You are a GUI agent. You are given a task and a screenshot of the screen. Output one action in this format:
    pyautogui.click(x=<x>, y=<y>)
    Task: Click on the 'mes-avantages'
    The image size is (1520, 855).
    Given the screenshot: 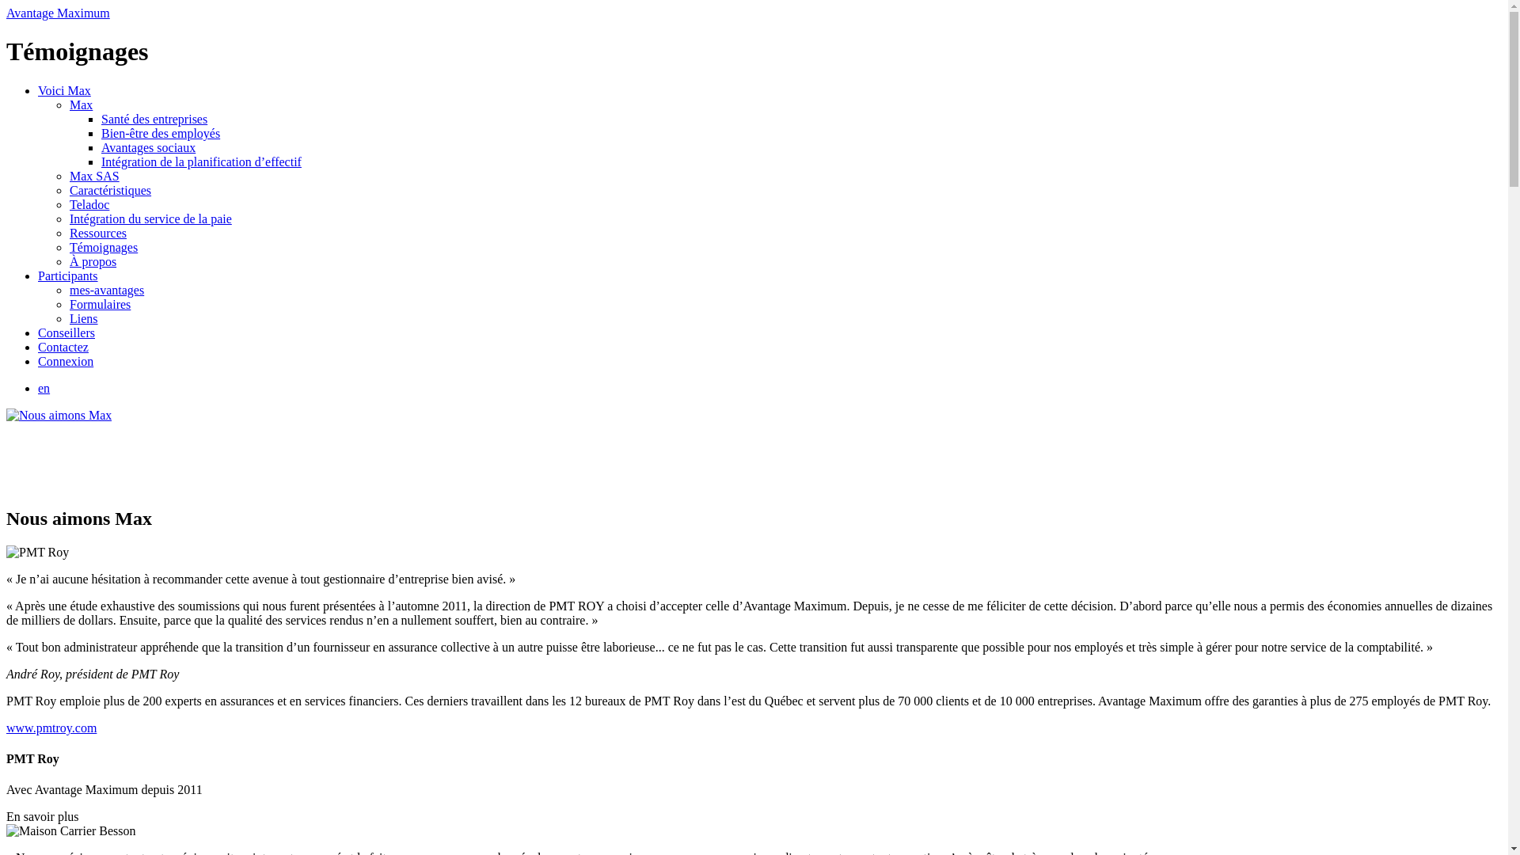 What is the action you would take?
    pyautogui.click(x=105, y=290)
    